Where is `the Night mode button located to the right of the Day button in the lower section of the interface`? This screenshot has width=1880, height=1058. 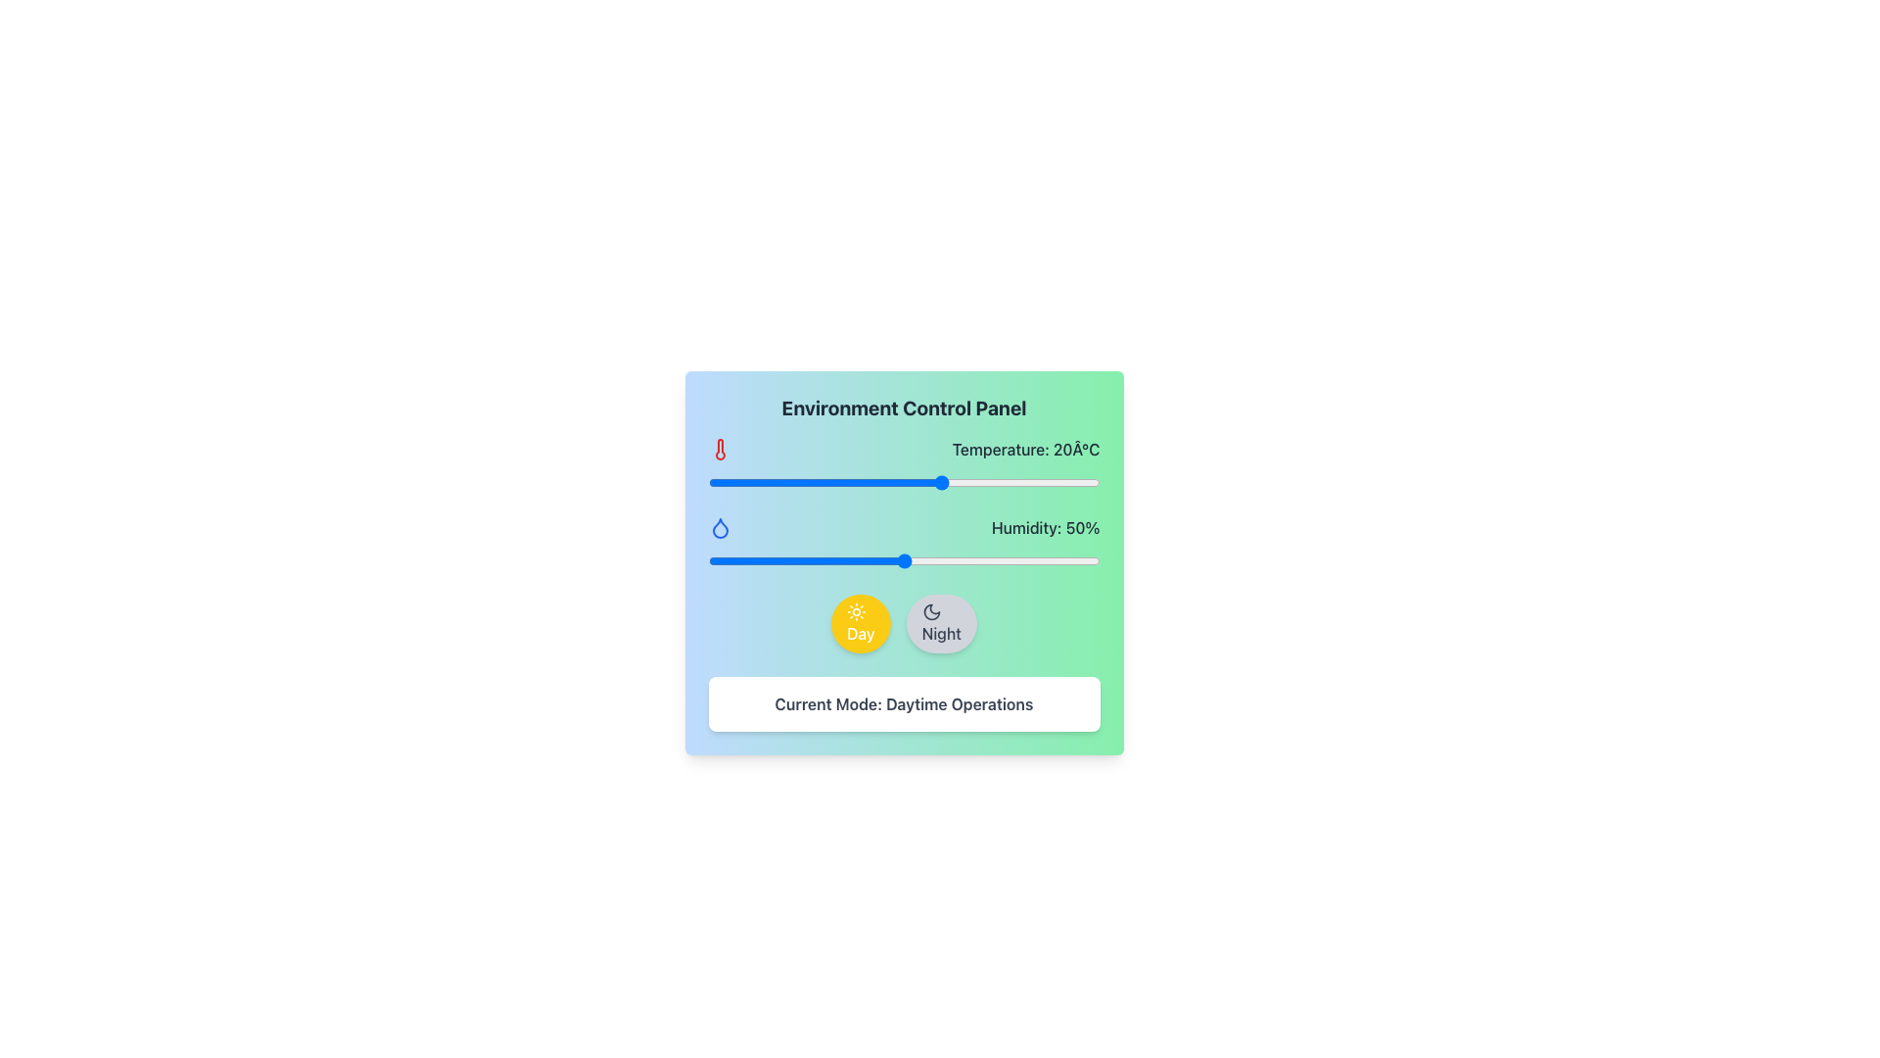 the Night mode button located to the right of the Day button in the lower section of the interface is located at coordinates (941, 623).